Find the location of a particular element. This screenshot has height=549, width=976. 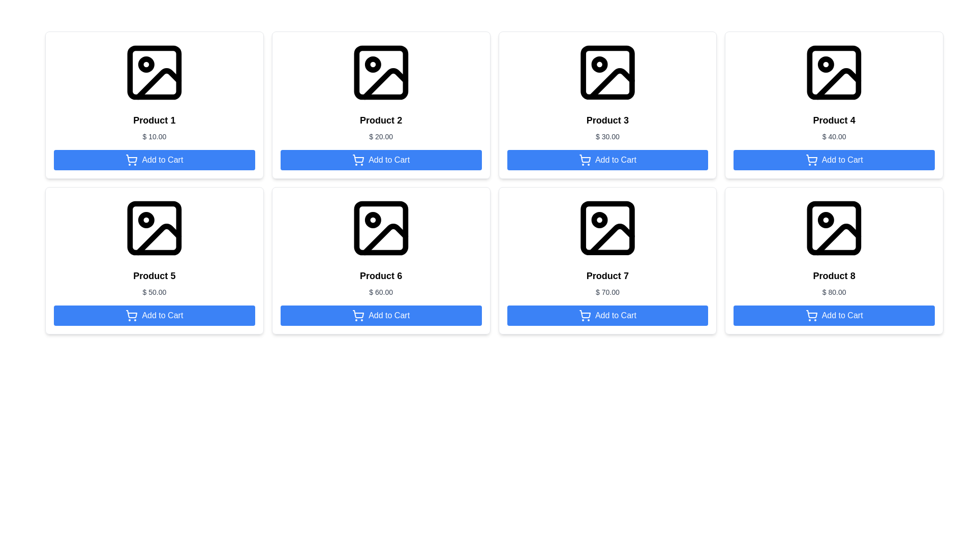

the decorative line graphic within the stylized icon located in the top-left product card labeled 'Product 1'. This graphic is a visual component that does not have interactive functionality but is part of the design's aesthetic is located at coordinates (158, 83).